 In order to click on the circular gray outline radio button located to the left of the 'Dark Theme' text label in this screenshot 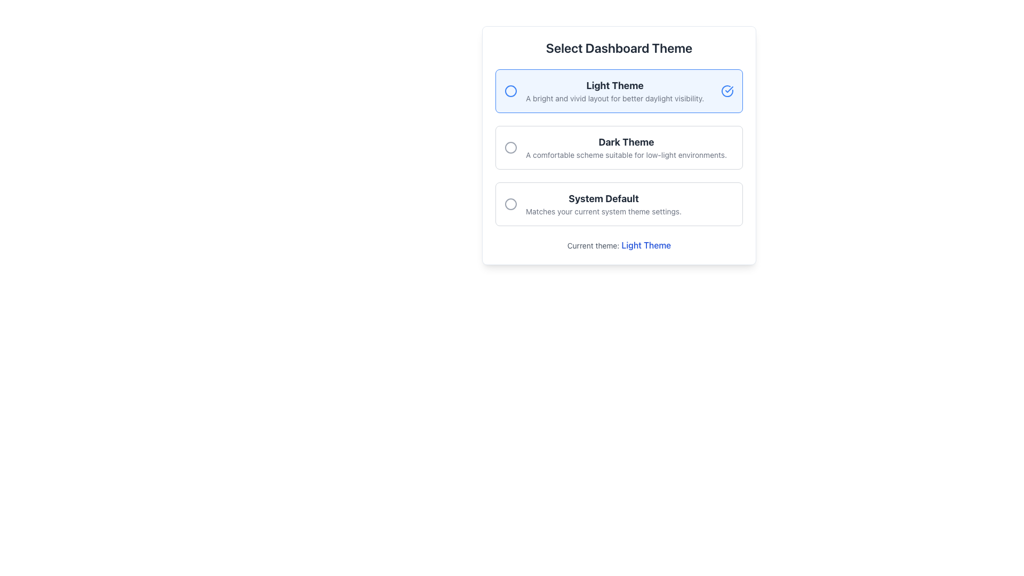, I will do `click(510, 148)`.